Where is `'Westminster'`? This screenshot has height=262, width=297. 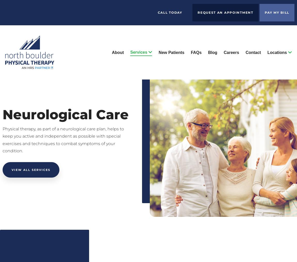
'Westminster' is located at coordinates (234, 90).